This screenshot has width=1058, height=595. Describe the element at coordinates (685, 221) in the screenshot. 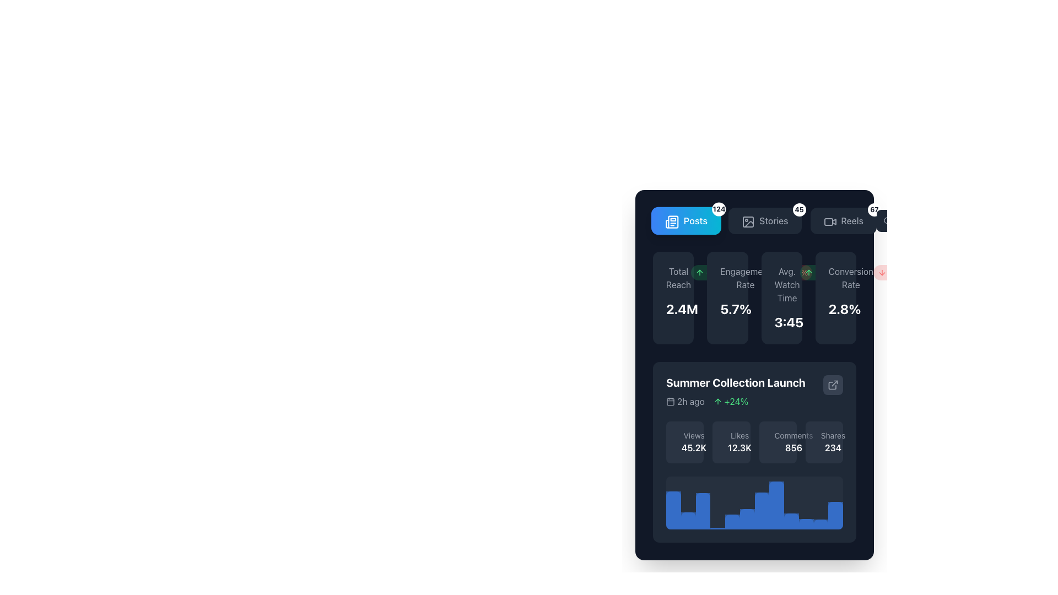

I see `the 'Posts' button, which is a rectangular button with rounded edges, featuring a gradient background from blue to cyan, white text, and a newspaper icon on the left, along with a badge showing '124' at the top-right corner` at that location.